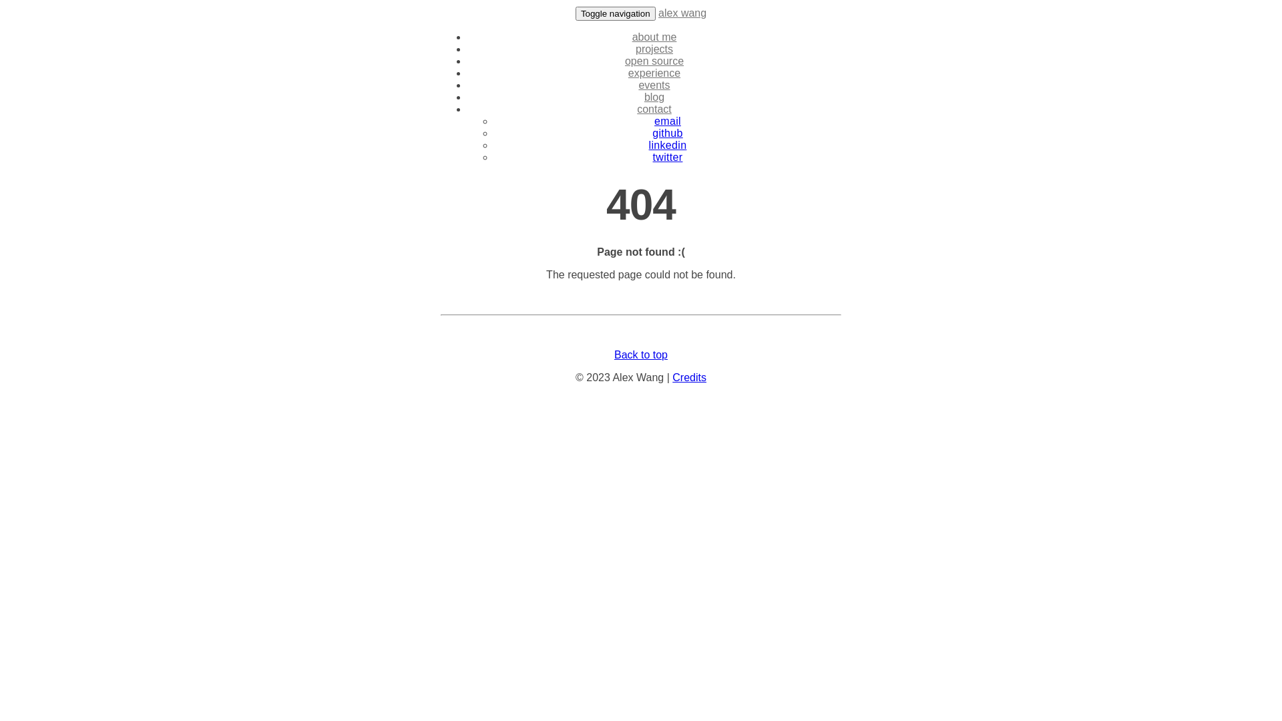  I want to click on 'events', so click(637, 85).